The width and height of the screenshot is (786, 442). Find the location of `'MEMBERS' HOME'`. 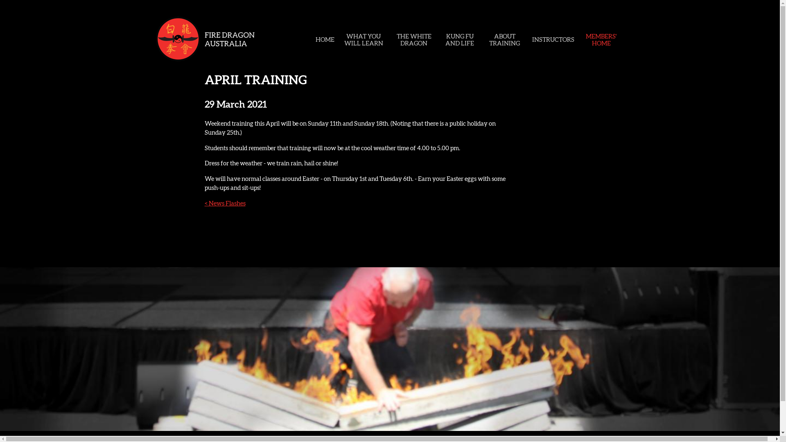

'MEMBERS' HOME' is located at coordinates (601, 39).